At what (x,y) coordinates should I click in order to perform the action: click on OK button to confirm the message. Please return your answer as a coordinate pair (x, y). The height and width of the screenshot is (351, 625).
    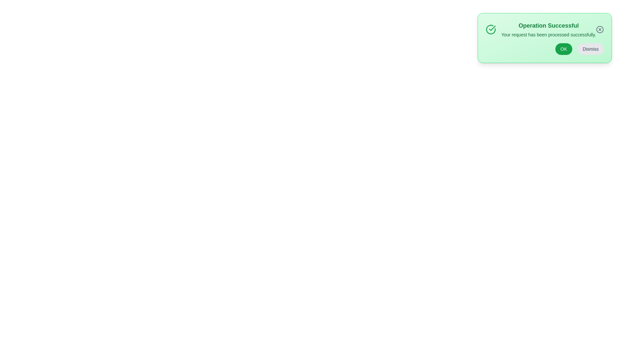
    Looking at the image, I should click on (563, 48).